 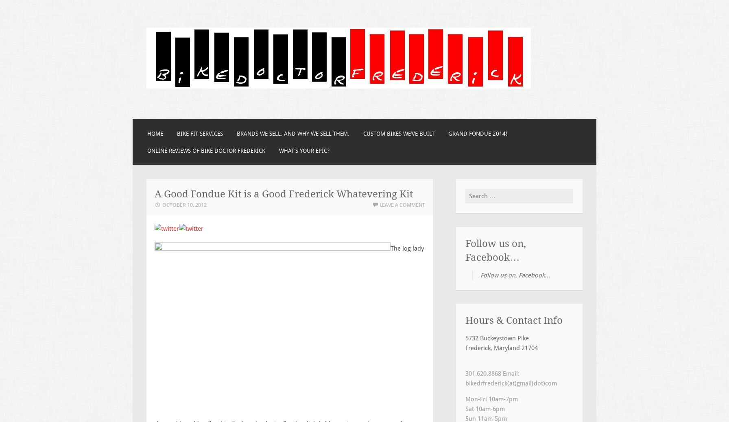 What do you see at coordinates (363, 134) in the screenshot?
I see `'Custom bikes we’ve built'` at bounding box center [363, 134].